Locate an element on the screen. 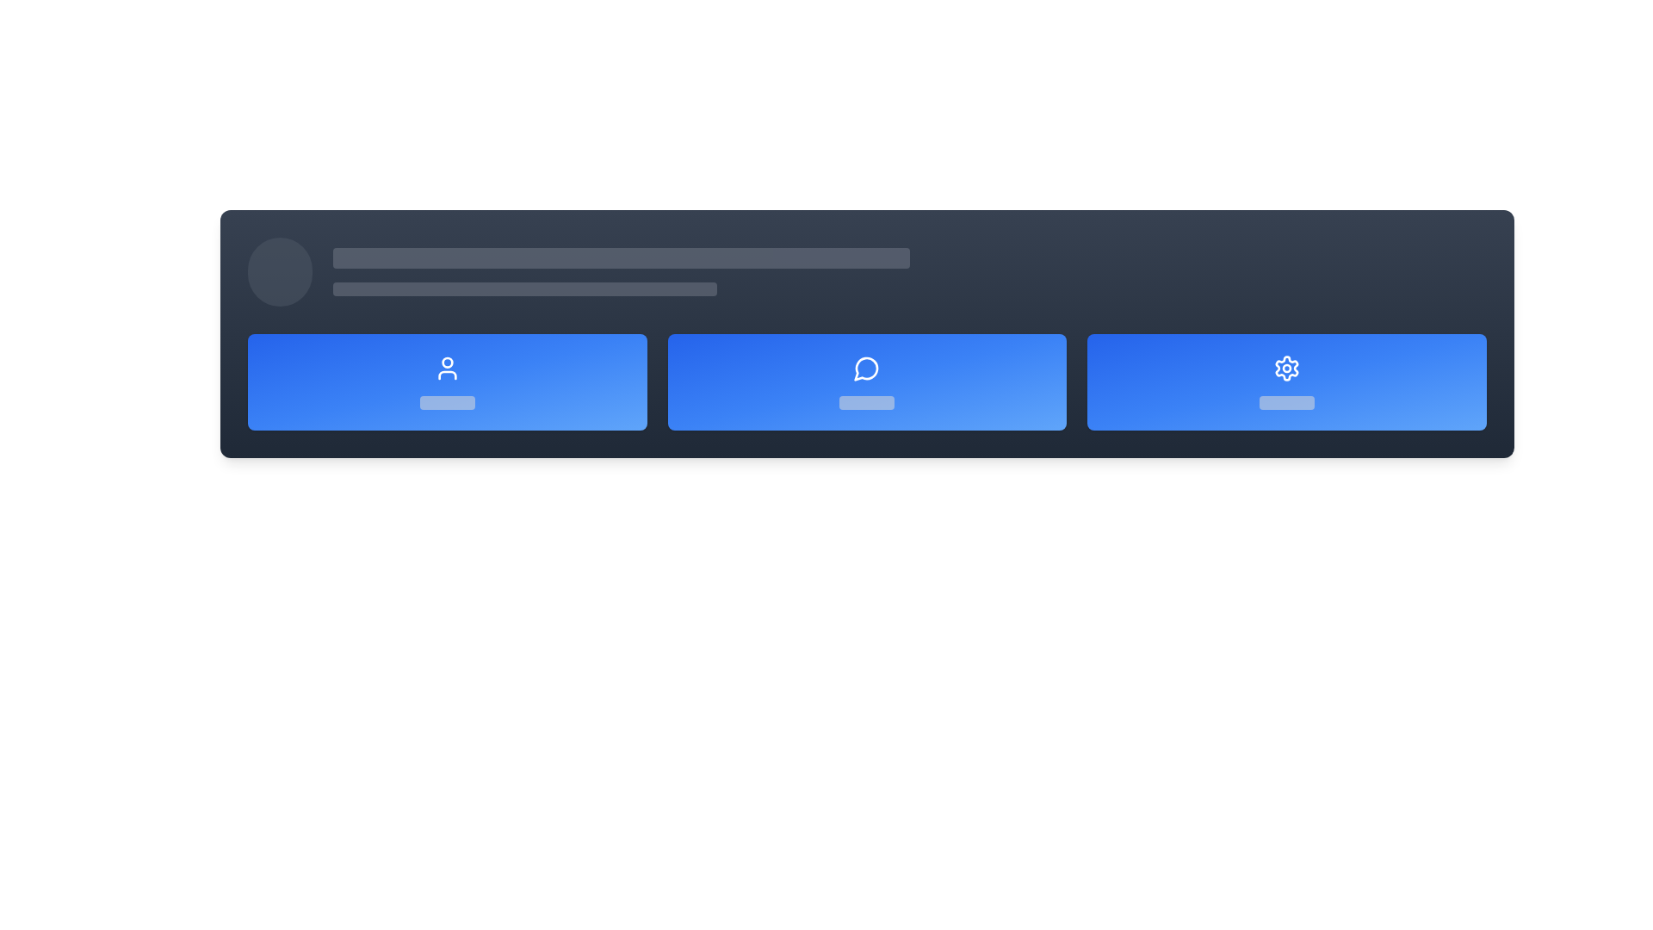 This screenshot has height=930, width=1653. the selectable card component representing messaging or communication, which is located in the middle column of a three-column layout is located at coordinates (867, 381).